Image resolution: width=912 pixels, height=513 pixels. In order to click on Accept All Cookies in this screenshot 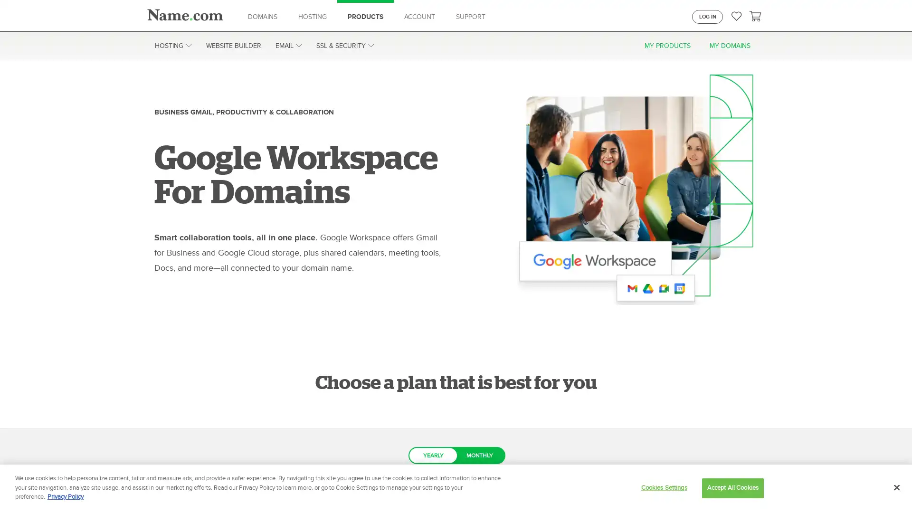, I will do `click(732, 487)`.